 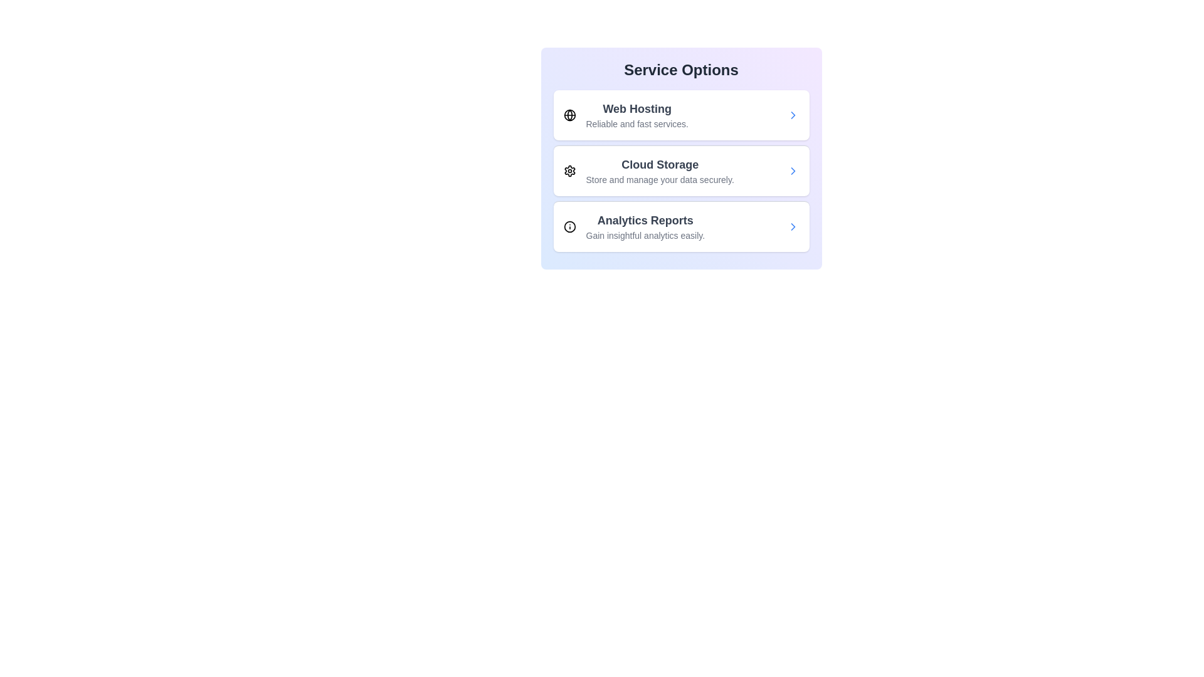 What do you see at coordinates (680, 115) in the screenshot?
I see `the service item labeled 'Web Hosting' to trigger its hover effect` at bounding box center [680, 115].